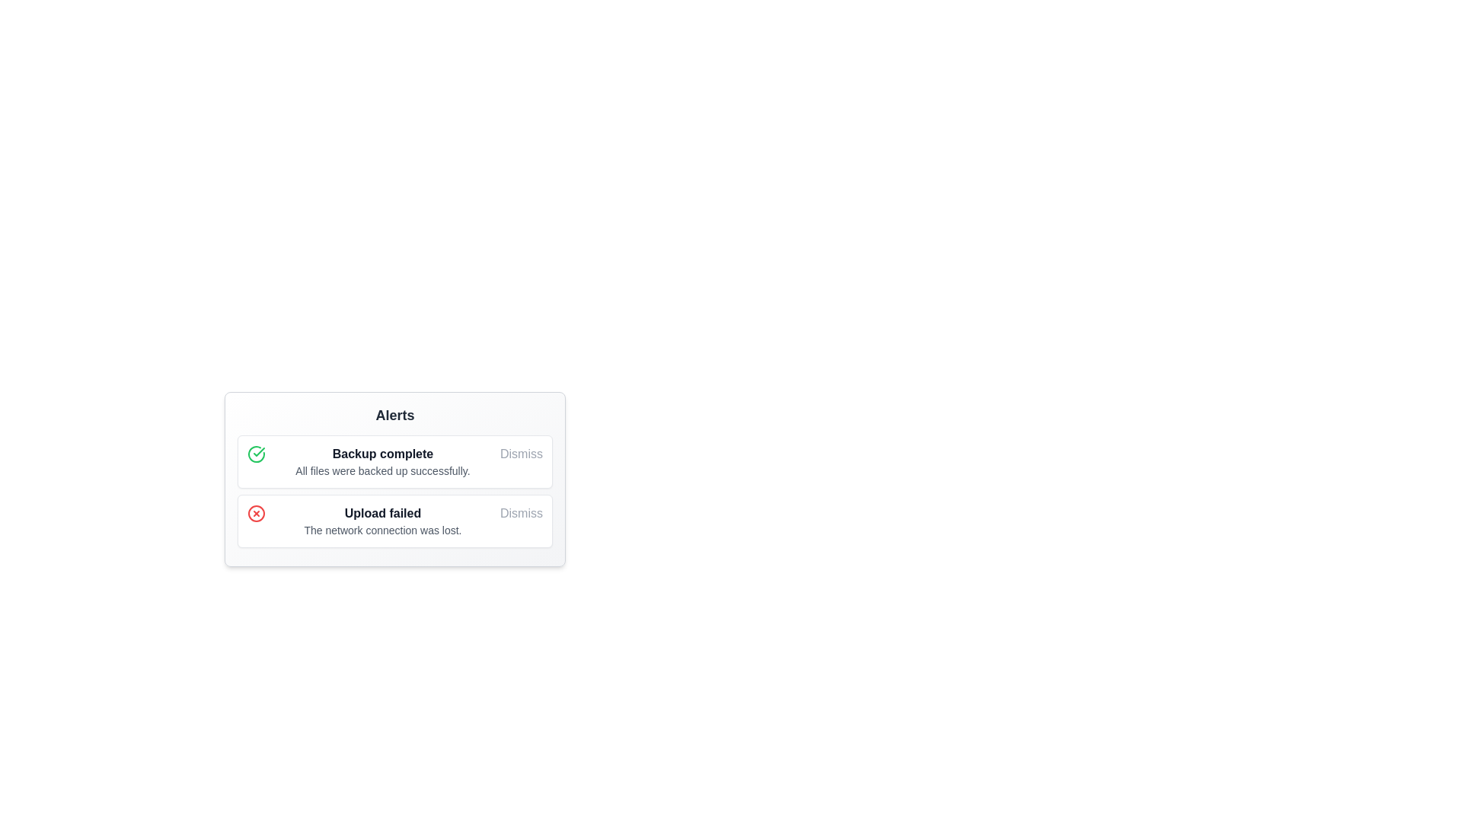  What do you see at coordinates (522, 514) in the screenshot?
I see `the dismiss button located at the right side of the notification message that reads 'Upload failed The network connection was lost.' to change its color` at bounding box center [522, 514].